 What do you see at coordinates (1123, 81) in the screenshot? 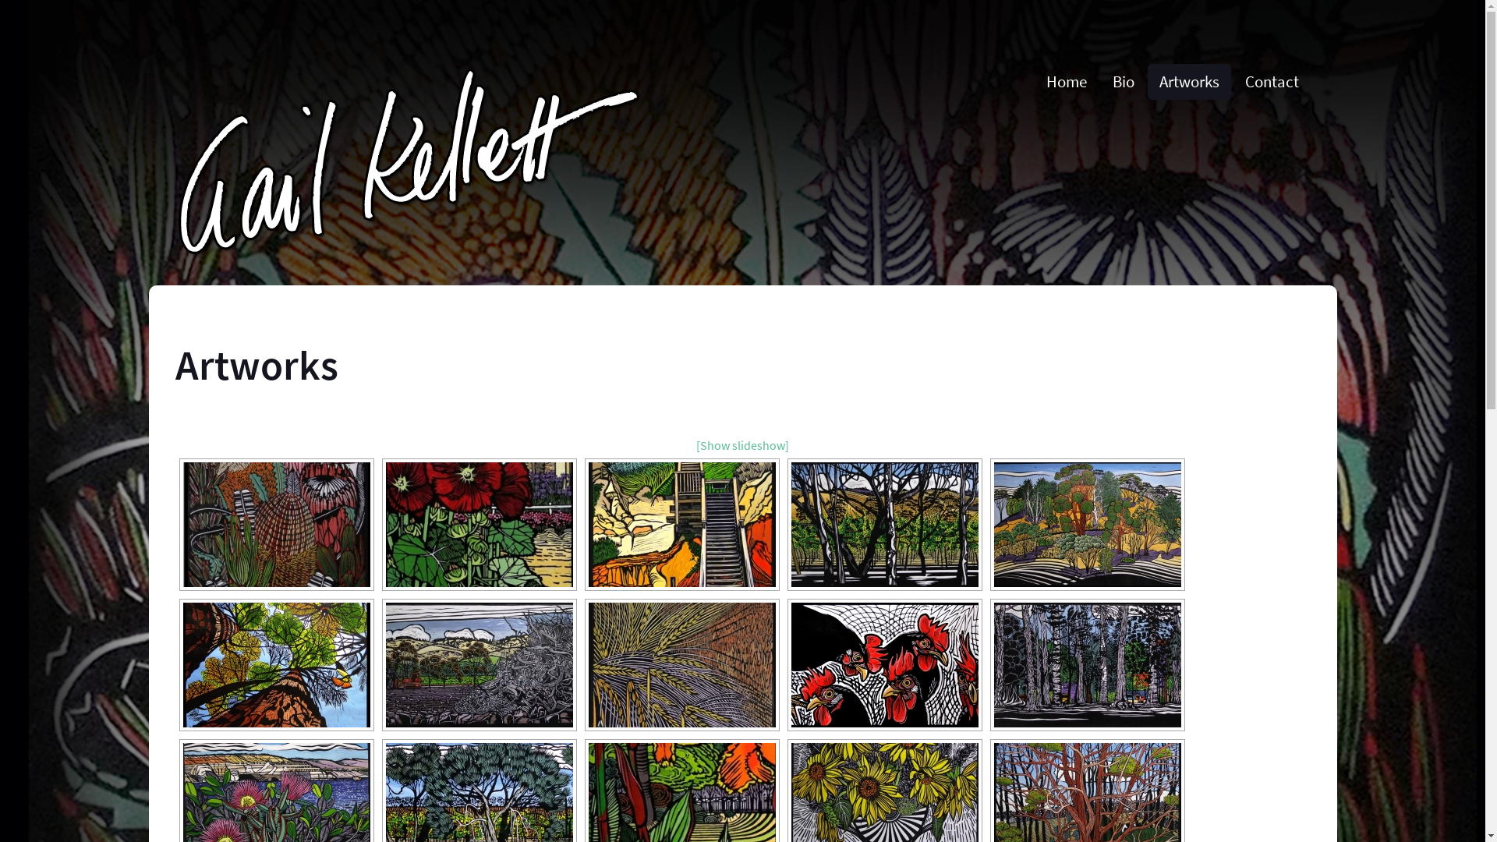
I see `'Bio'` at bounding box center [1123, 81].